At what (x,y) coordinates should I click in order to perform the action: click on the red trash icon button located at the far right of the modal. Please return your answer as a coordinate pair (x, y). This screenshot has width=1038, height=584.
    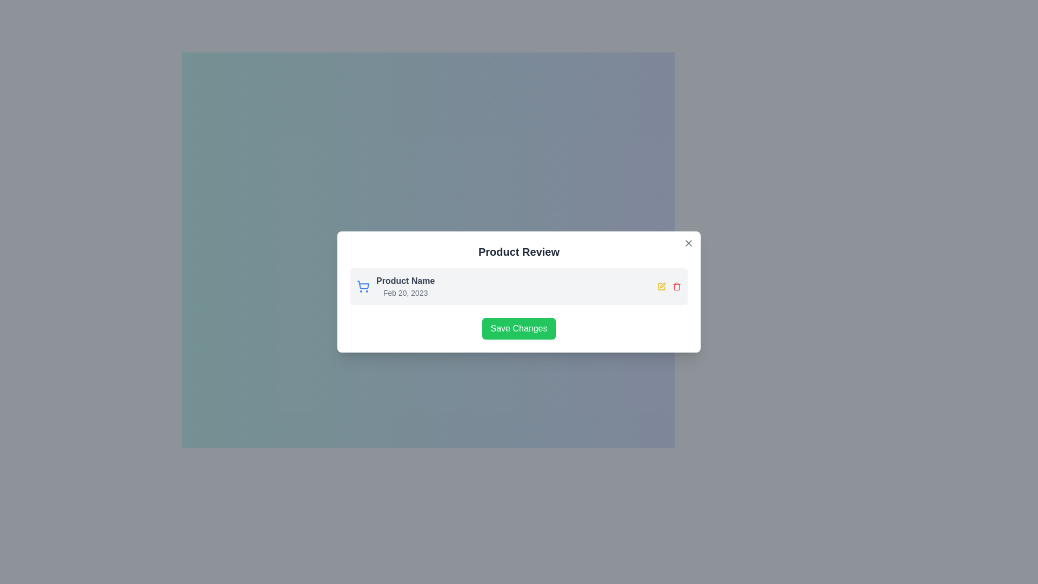
    Looking at the image, I should click on (676, 286).